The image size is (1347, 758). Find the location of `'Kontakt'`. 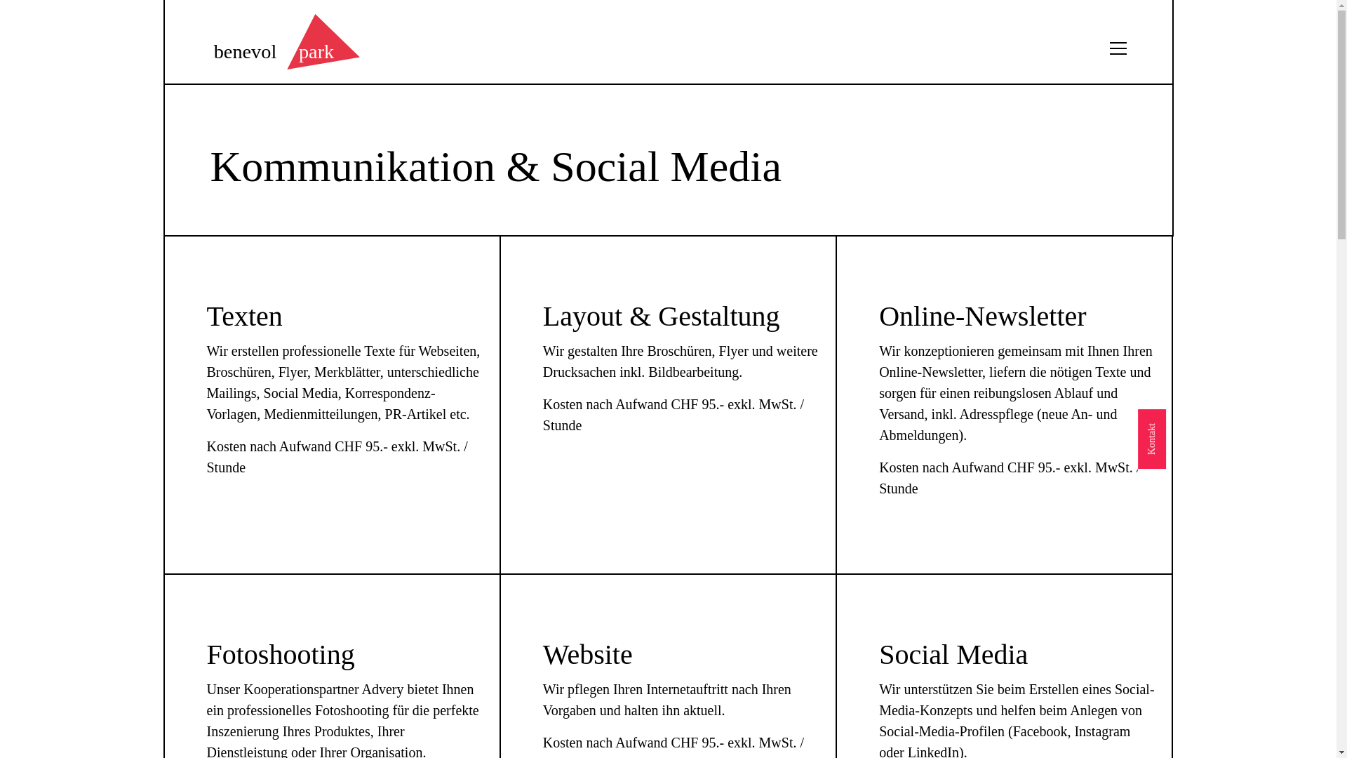

'Kontakt' is located at coordinates (1167, 422).